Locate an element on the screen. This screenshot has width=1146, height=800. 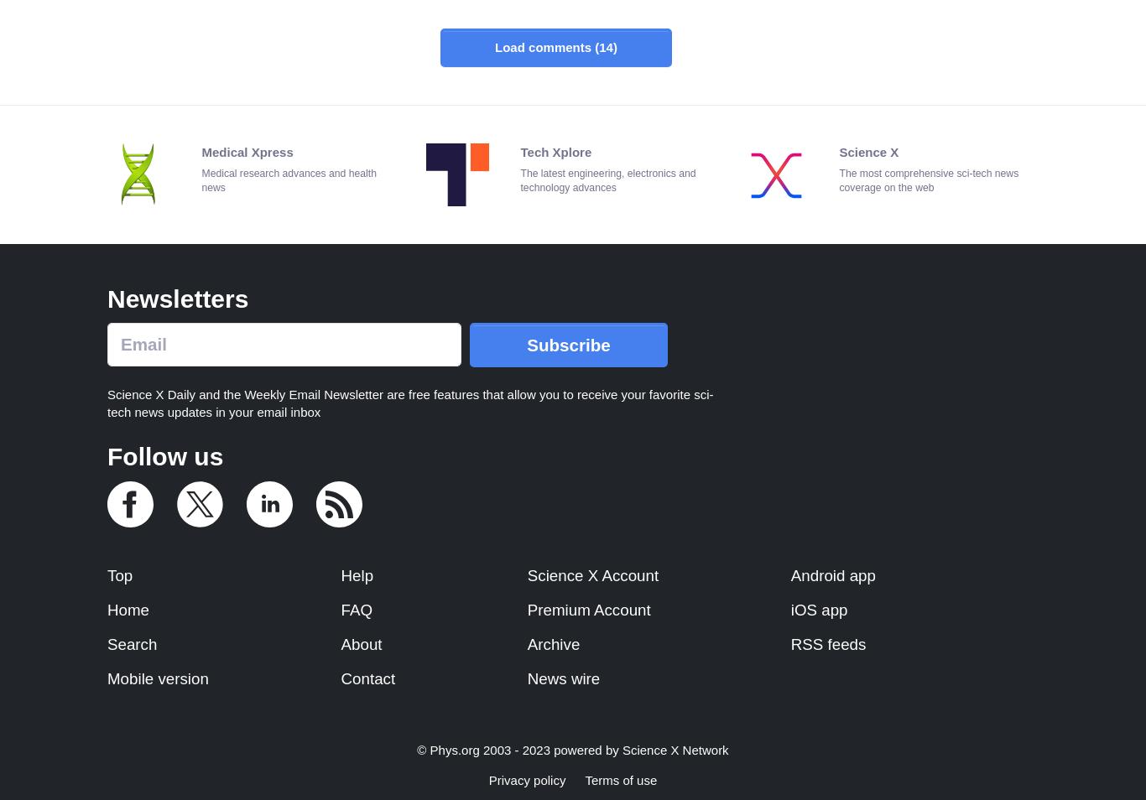
'Medical research advances and health news' is located at coordinates (287, 179).